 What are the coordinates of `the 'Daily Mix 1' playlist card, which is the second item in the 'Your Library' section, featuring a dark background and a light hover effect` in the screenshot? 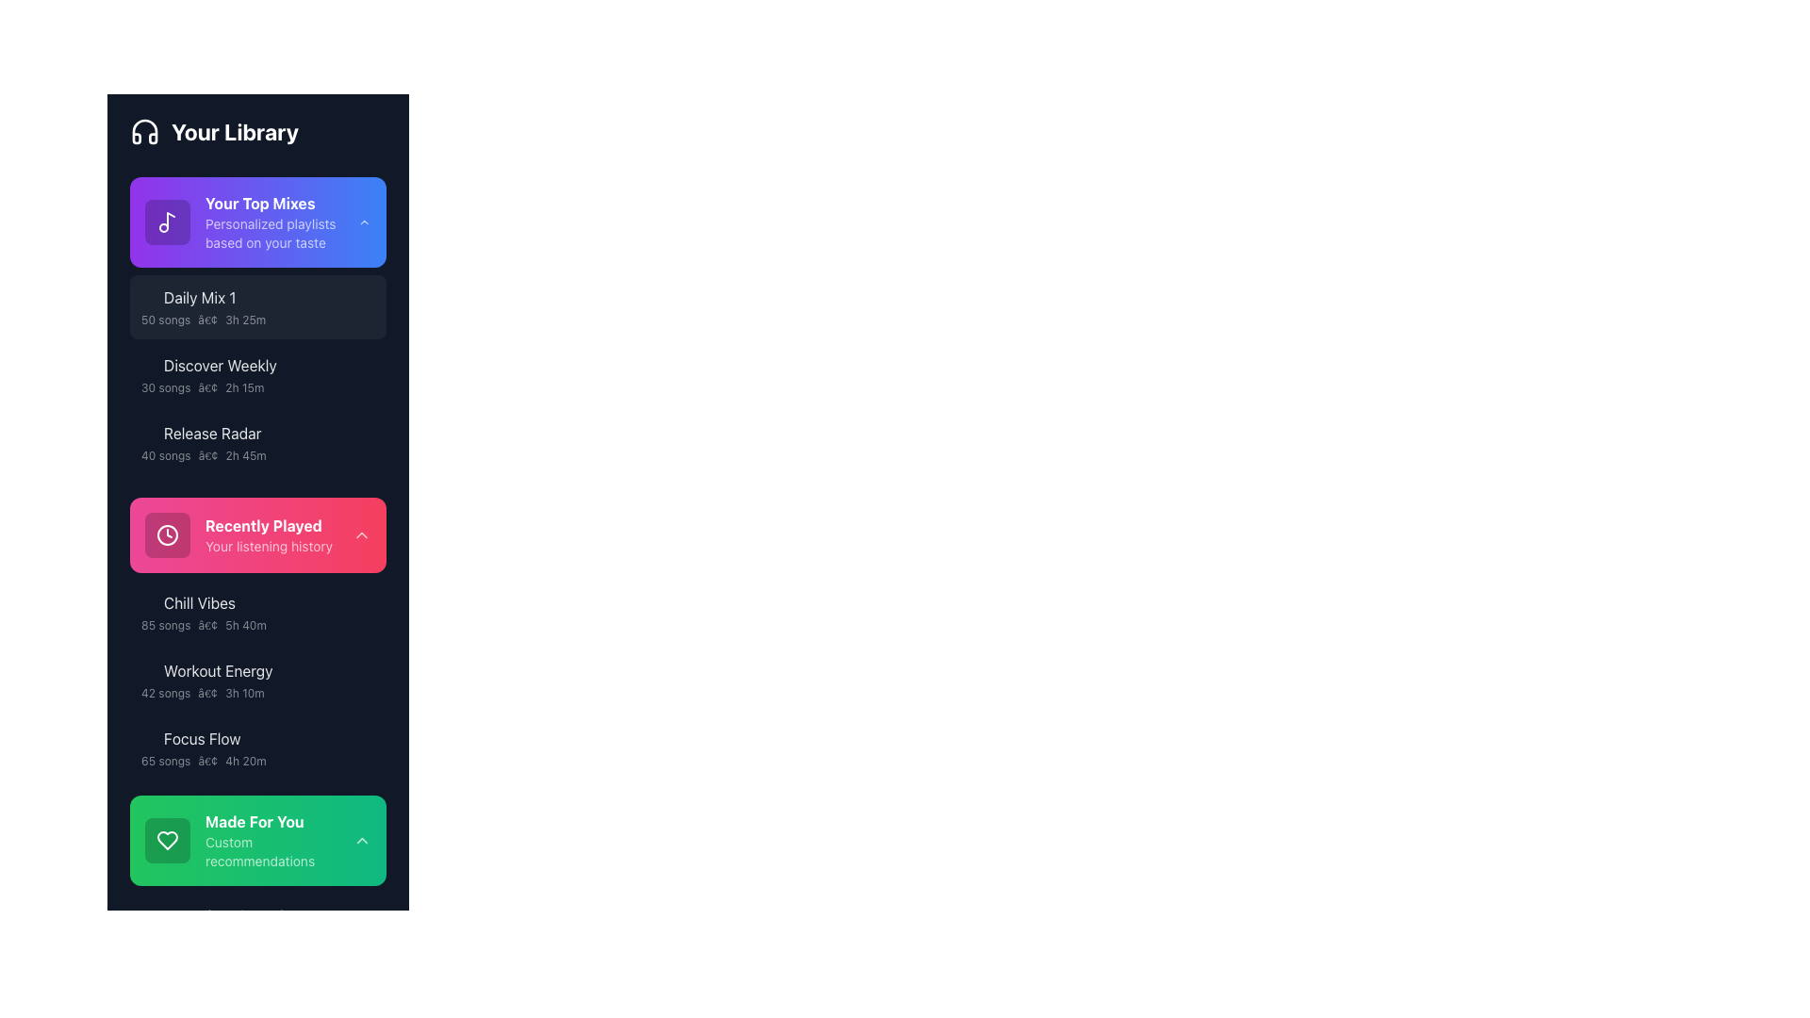 It's located at (256, 306).